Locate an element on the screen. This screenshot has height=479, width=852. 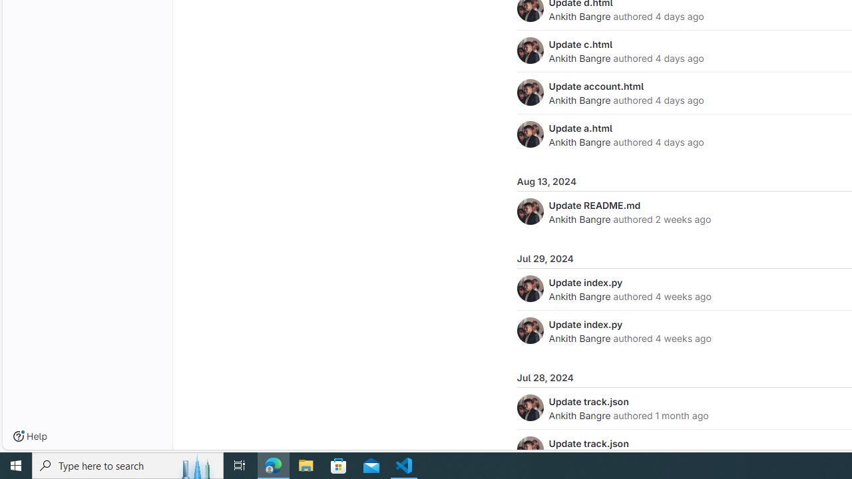
'Help' is located at coordinates (30, 436).